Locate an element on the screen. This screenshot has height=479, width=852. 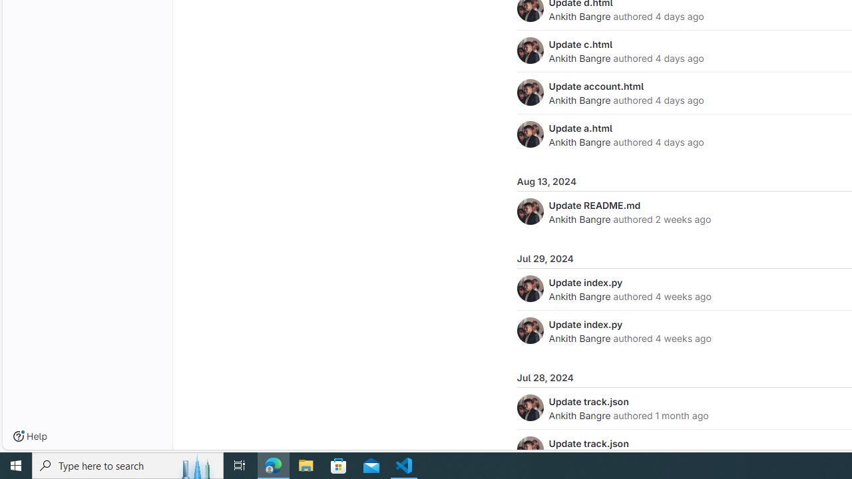
'Help' is located at coordinates (30, 436).